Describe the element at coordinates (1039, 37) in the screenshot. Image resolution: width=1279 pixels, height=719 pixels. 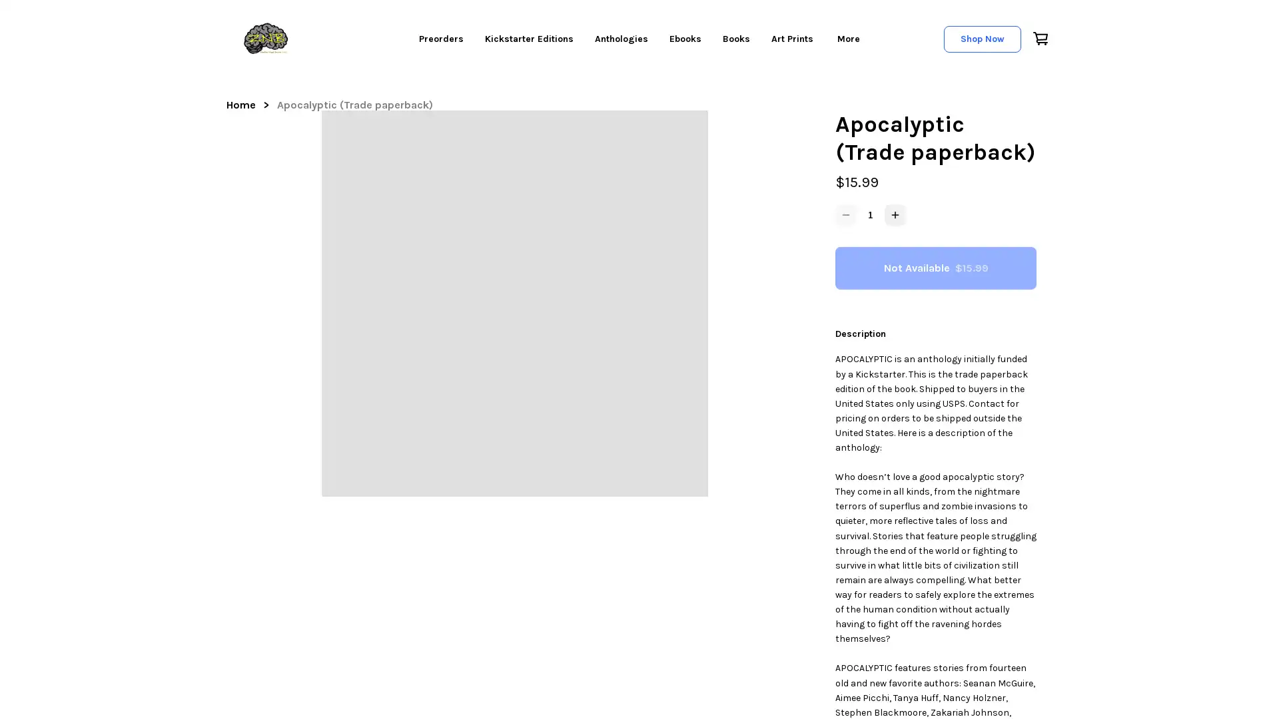
I see `Cart icon` at that location.